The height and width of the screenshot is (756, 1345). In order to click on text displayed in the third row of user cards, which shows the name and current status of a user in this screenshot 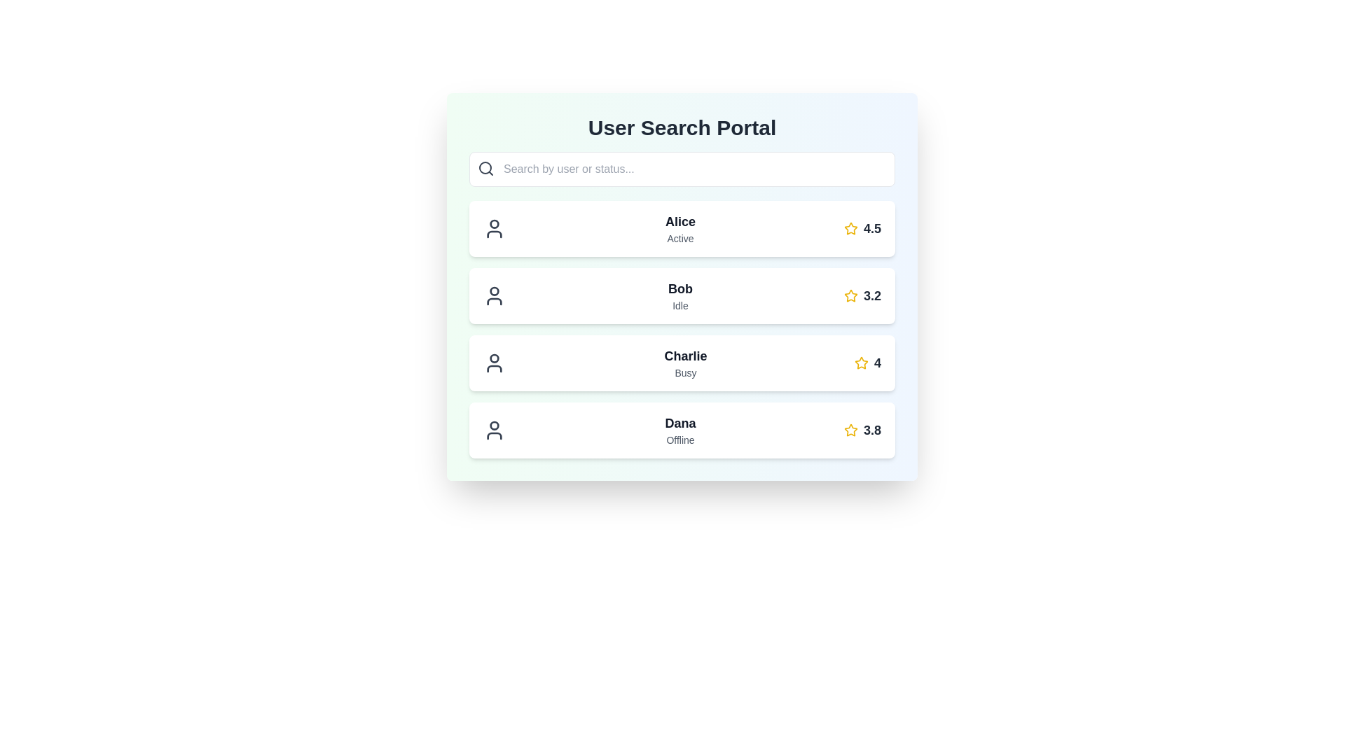, I will do `click(686, 363)`.